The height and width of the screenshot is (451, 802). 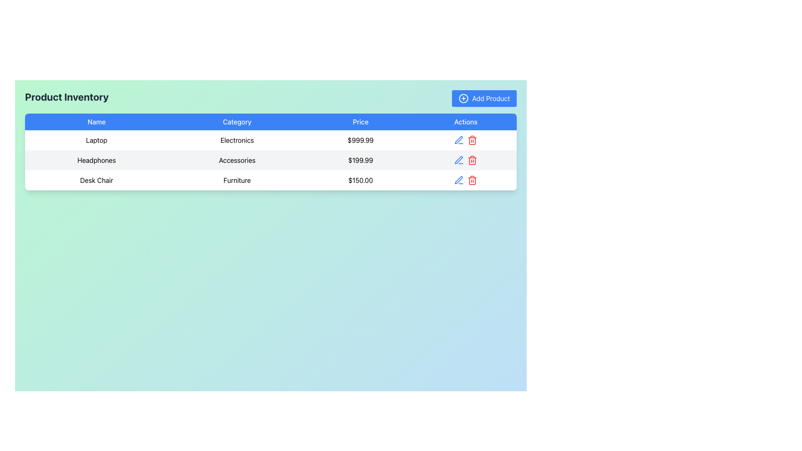 I want to click on the price label displaying the product 'Desk Chair' located in the third row of the table under the 'Price' column, so click(x=360, y=180).